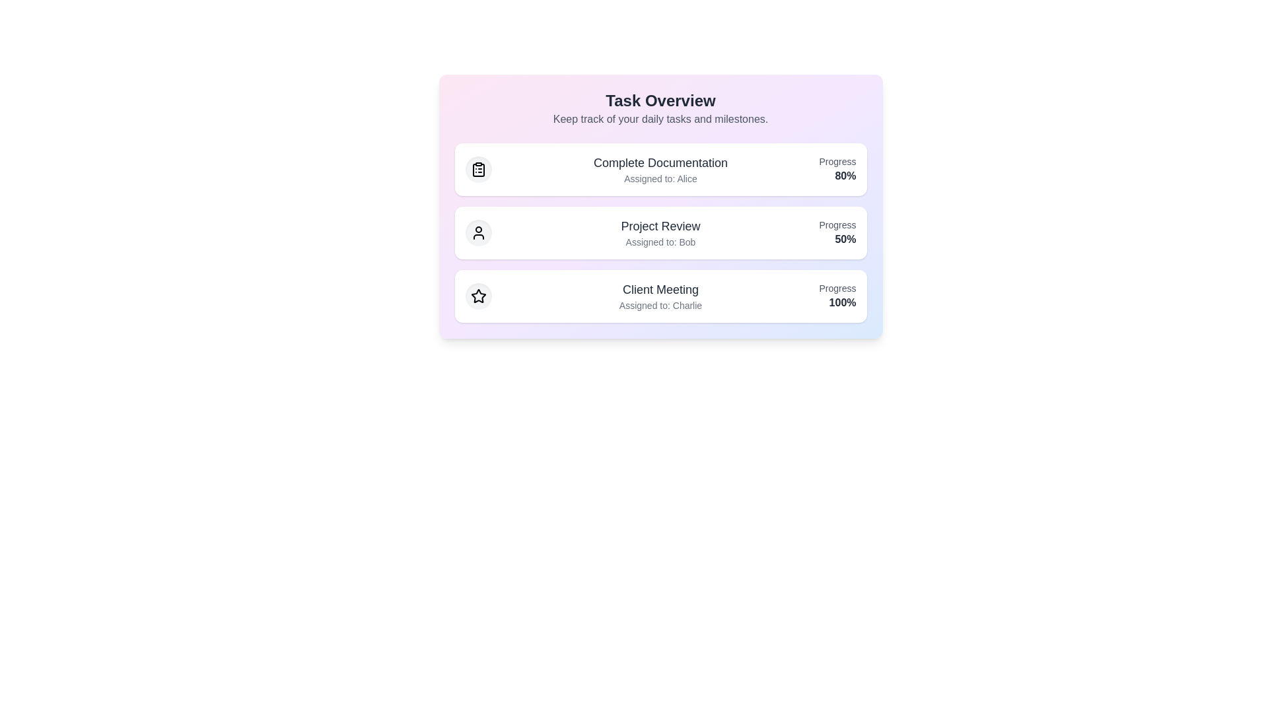 Image resolution: width=1268 pixels, height=713 pixels. What do you see at coordinates (477, 169) in the screenshot?
I see `the task icon corresponding to Complete Documentation` at bounding box center [477, 169].